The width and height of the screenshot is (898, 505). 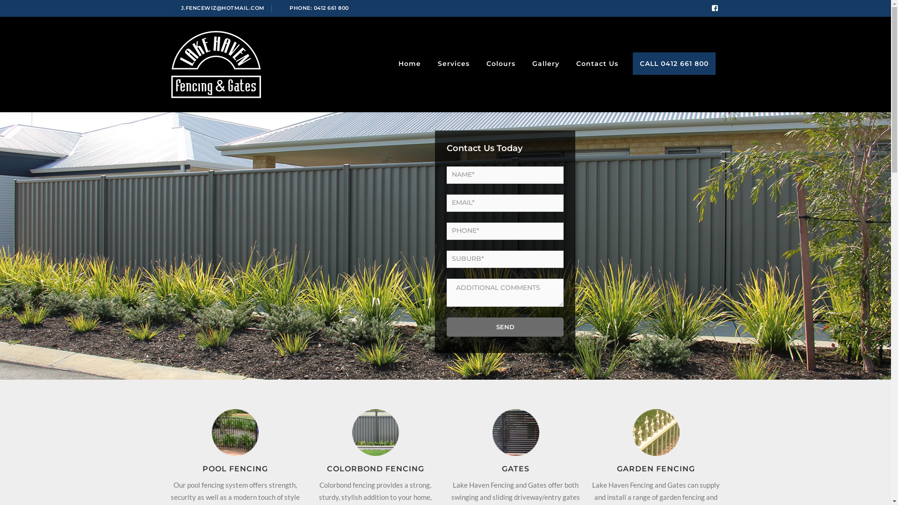 What do you see at coordinates (215, 63) in the screenshot?
I see `'Lake Haven Fencing and Gates'` at bounding box center [215, 63].